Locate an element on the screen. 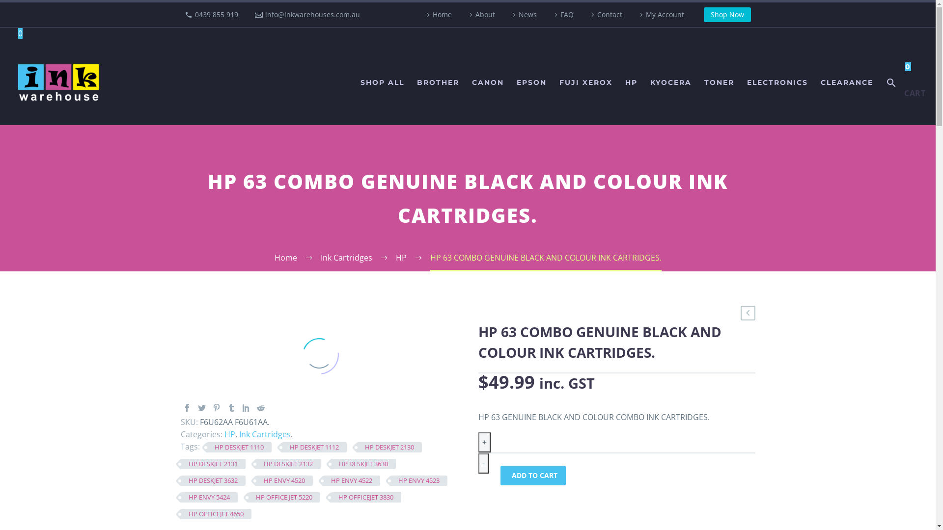  'Shop Now' is located at coordinates (727, 15).